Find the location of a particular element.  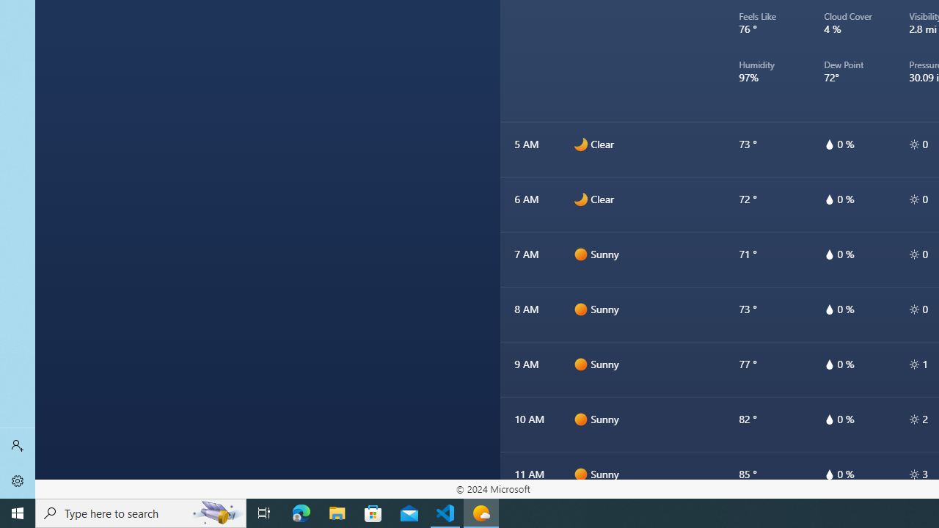

'Sign in' is located at coordinates (18, 445).